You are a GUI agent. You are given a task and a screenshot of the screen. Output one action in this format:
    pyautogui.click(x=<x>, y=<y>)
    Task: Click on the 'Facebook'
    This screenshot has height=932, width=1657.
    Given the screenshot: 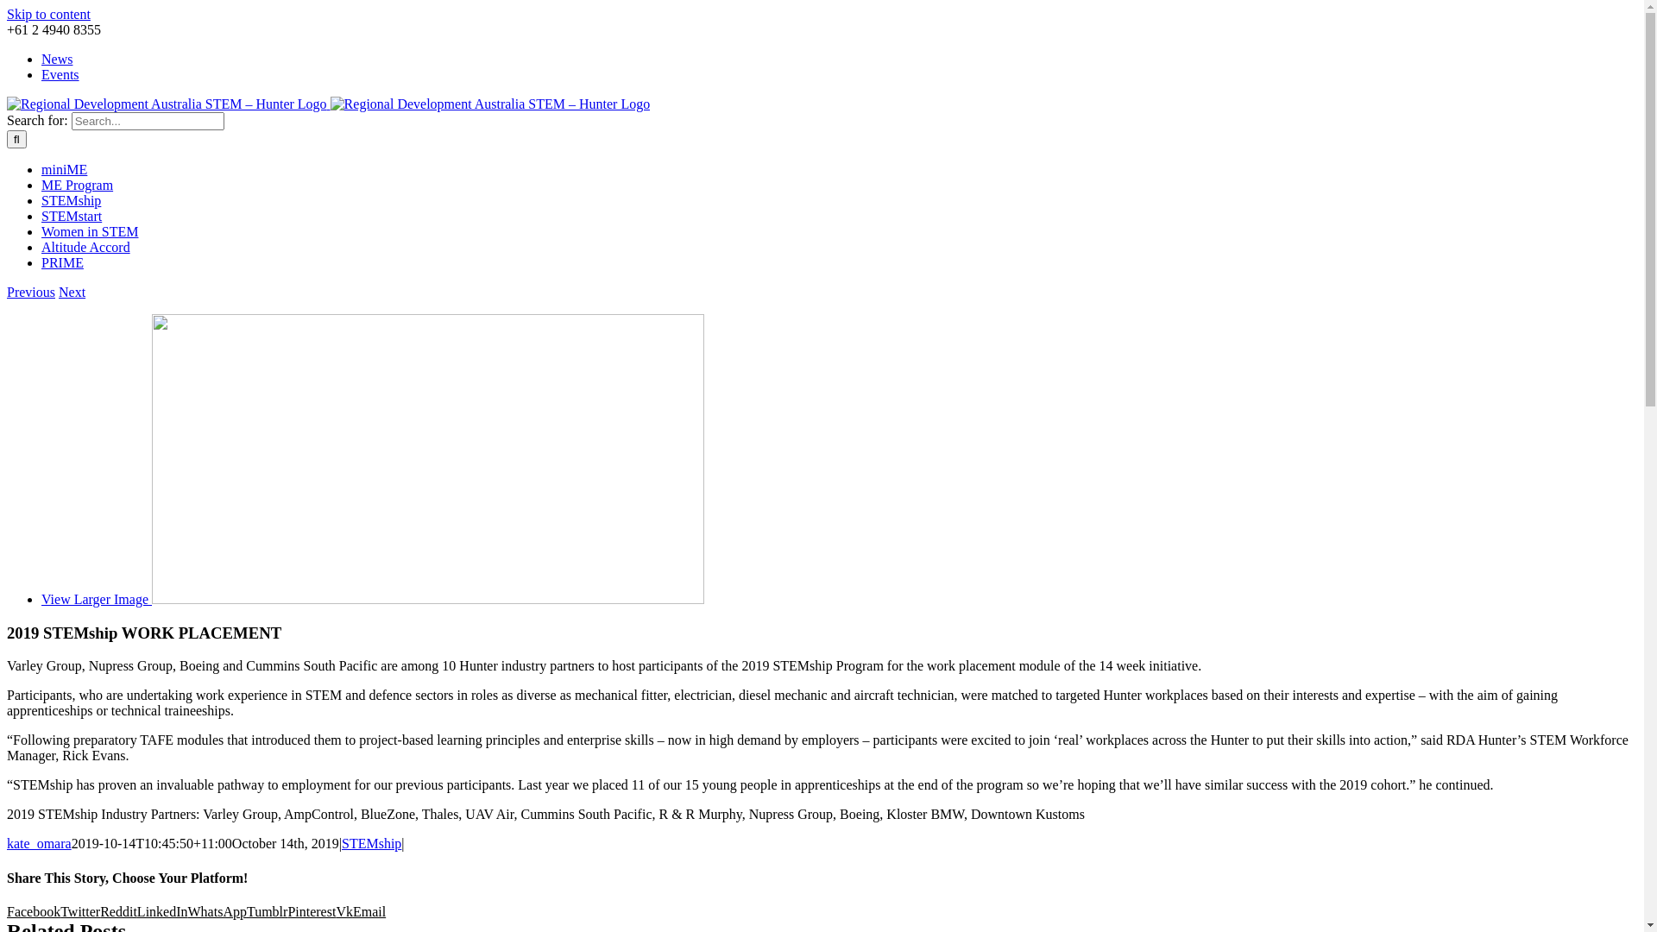 What is the action you would take?
    pyautogui.click(x=33, y=910)
    